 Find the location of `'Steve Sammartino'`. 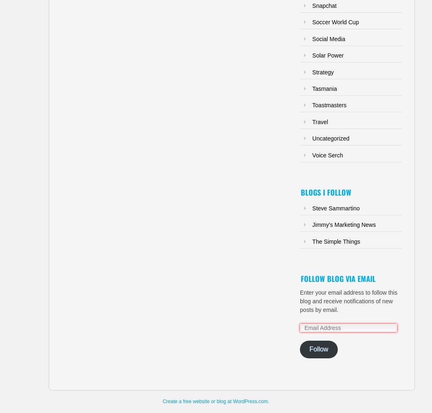

'Steve Sammartino' is located at coordinates (335, 208).